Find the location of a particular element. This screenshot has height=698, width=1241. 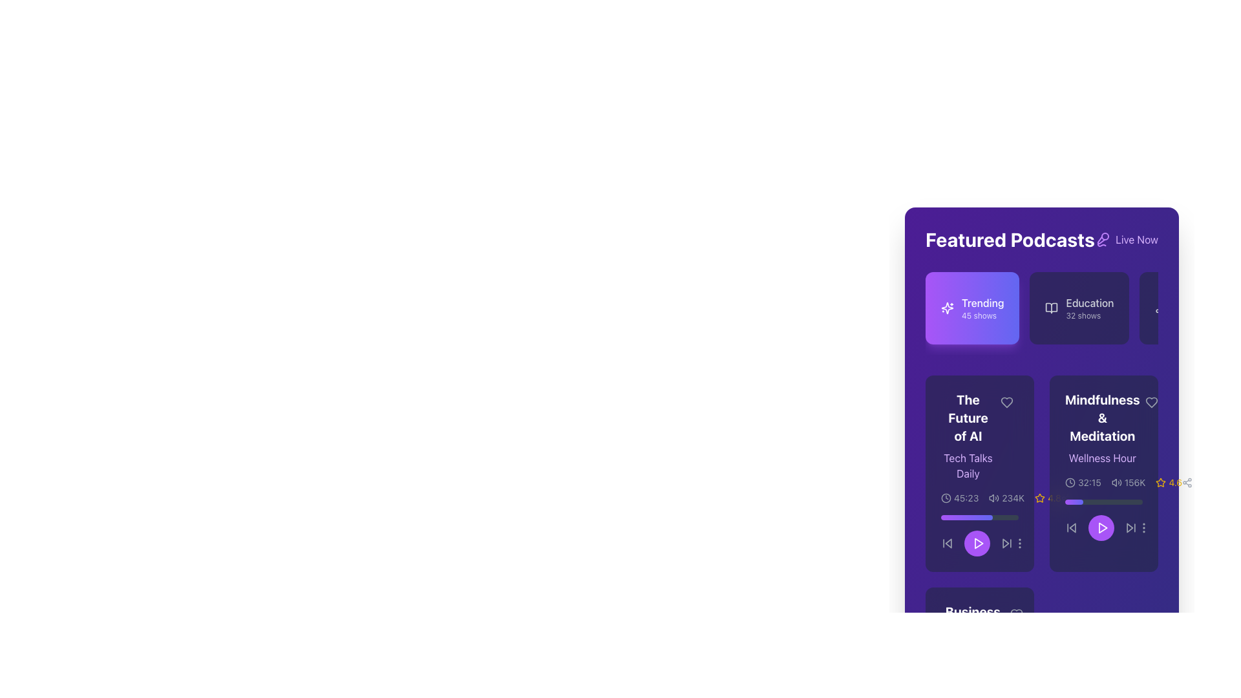

the play button located in the playback control bar at the bottom of the card titled 'The Future of AI' is located at coordinates (980, 536).